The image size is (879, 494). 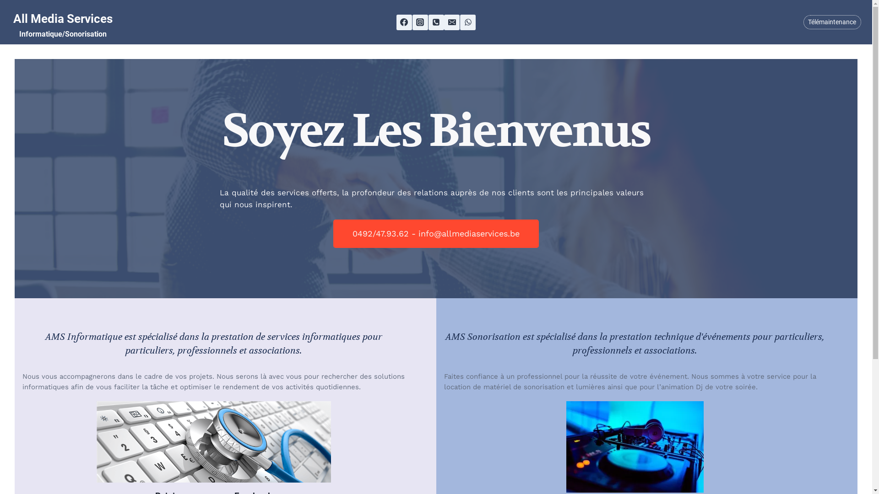 I want to click on '0492/47.93.62 - info@allmediaservices.be', so click(x=435, y=233).